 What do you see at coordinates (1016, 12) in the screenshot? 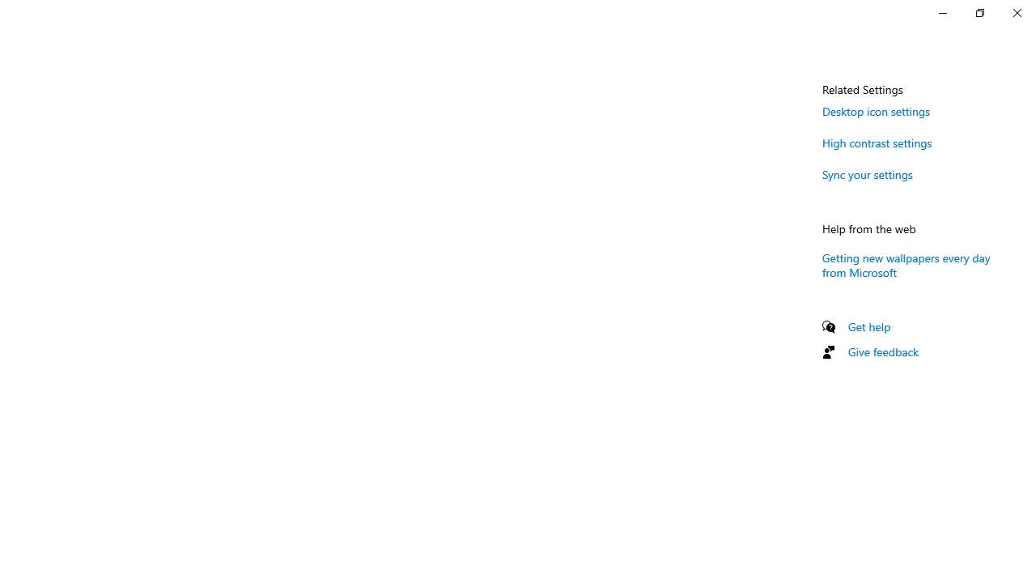
I see `'Close Settings'` at bounding box center [1016, 12].